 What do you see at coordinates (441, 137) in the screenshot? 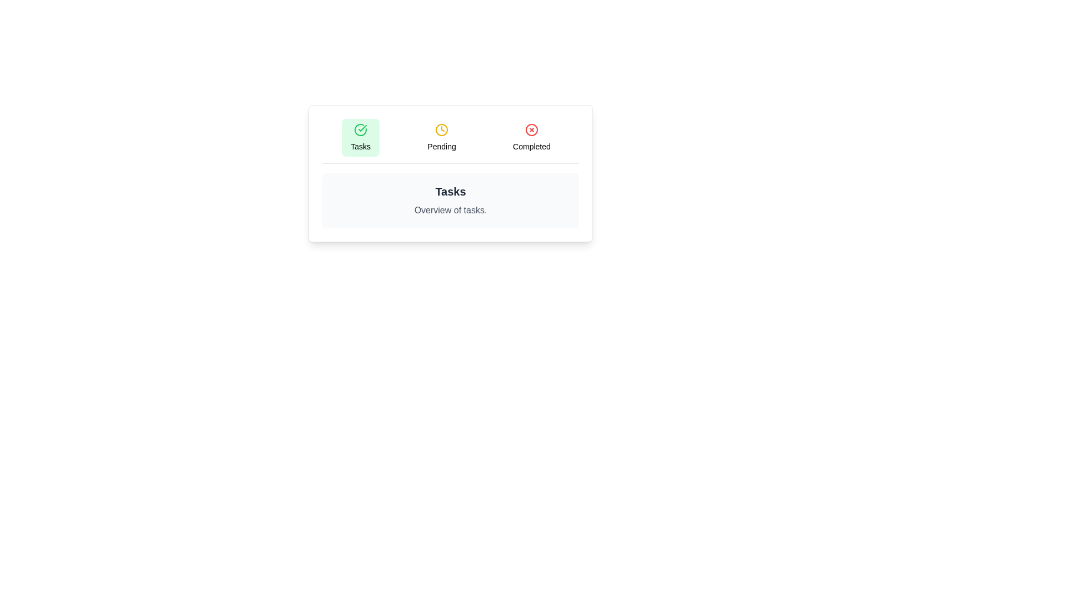
I see `the Pending tab to view its content` at bounding box center [441, 137].